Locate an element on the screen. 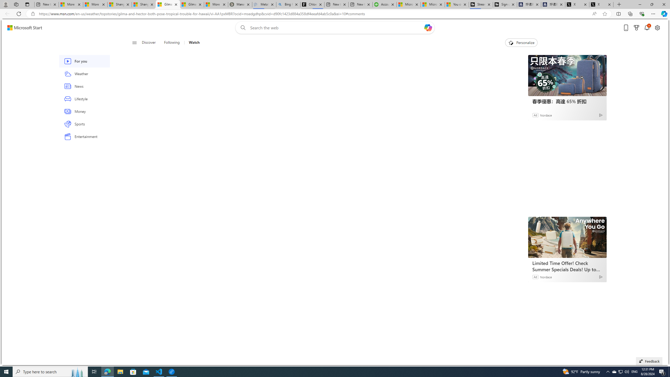  'Shanghai, China weather forecast | Microsoft Weather' is located at coordinates (144, 4).